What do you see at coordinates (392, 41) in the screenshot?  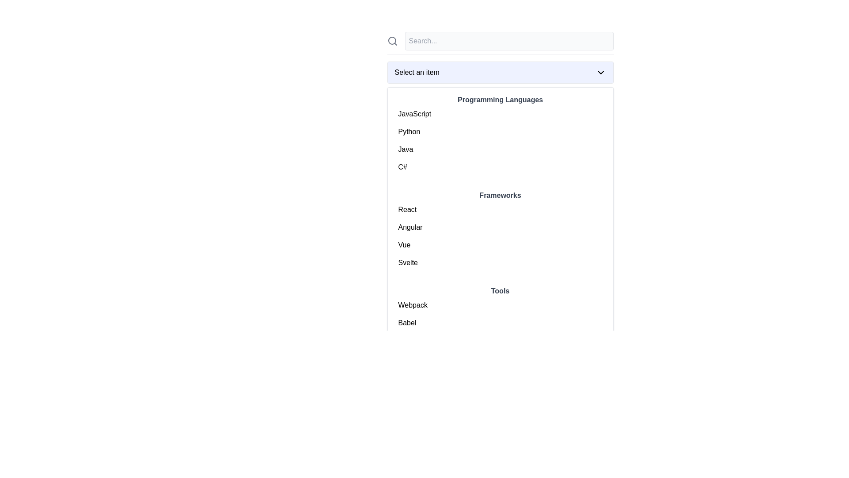 I see `the search icon located at the leftmost side of the search input field` at bounding box center [392, 41].